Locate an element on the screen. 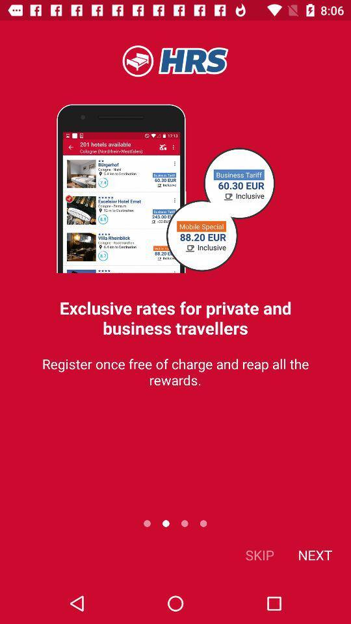 The width and height of the screenshot is (351, 624). the item to the left of next is located at coordinates (259, 554).